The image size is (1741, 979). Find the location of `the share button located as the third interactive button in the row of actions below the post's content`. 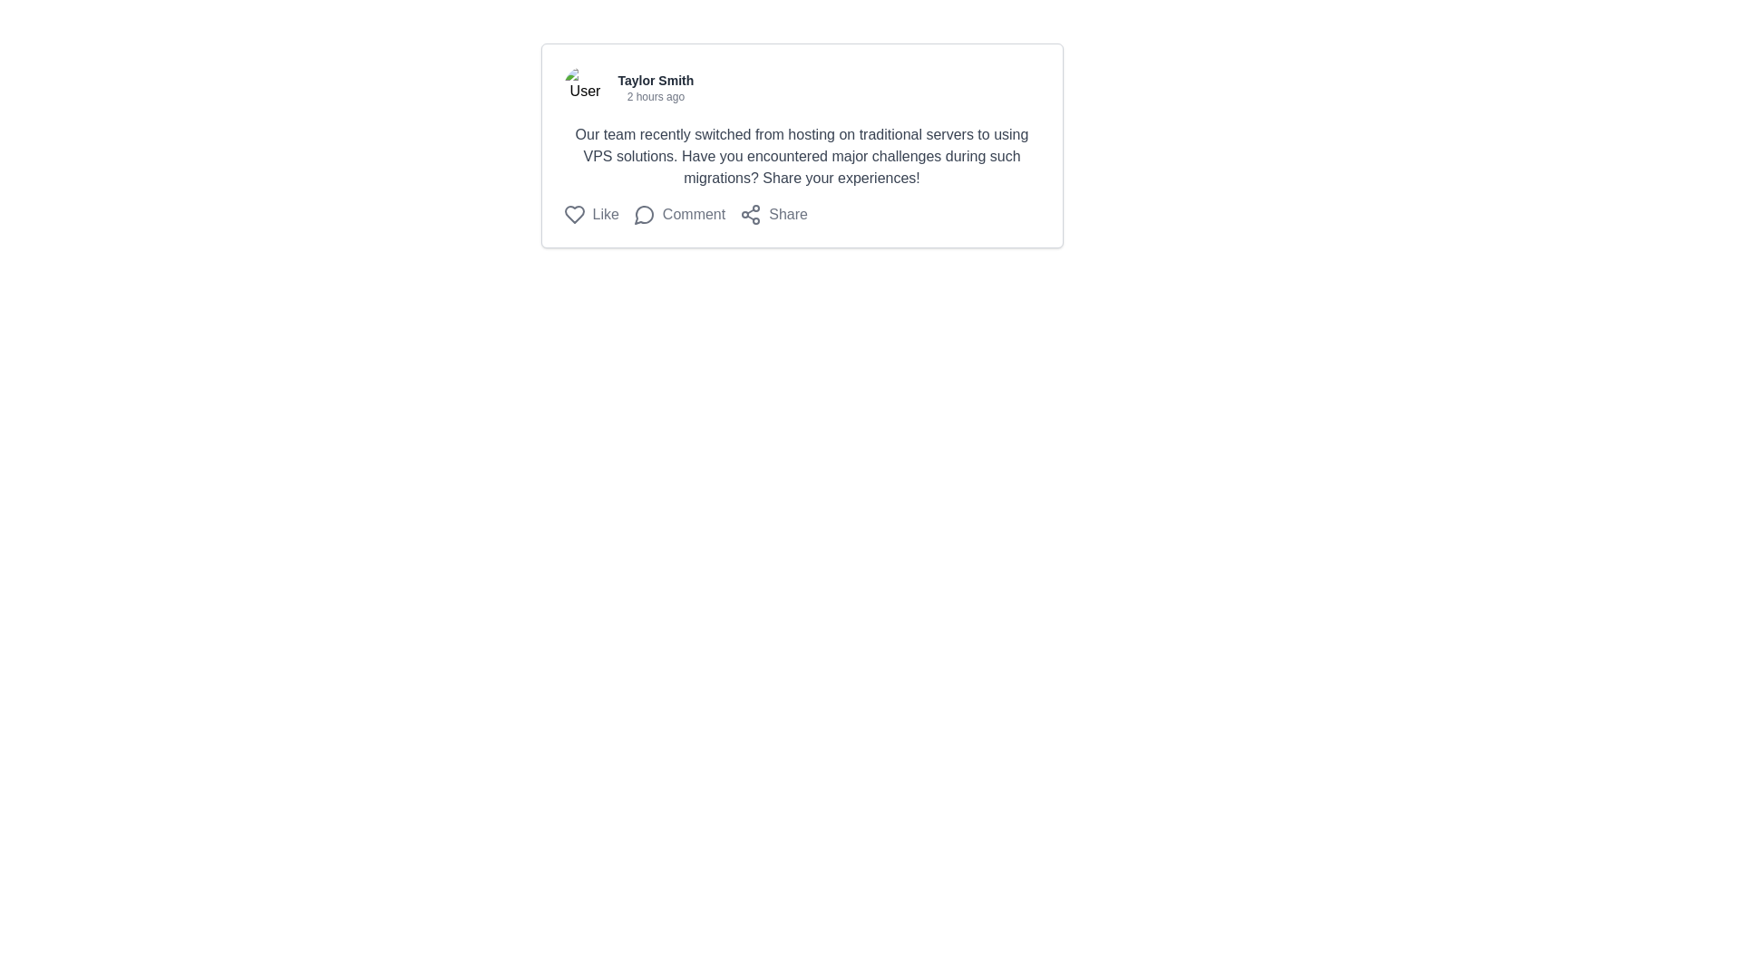

the share button located as the third interactive button in the row of actions below the post's content is located at coordinates (773, 213).